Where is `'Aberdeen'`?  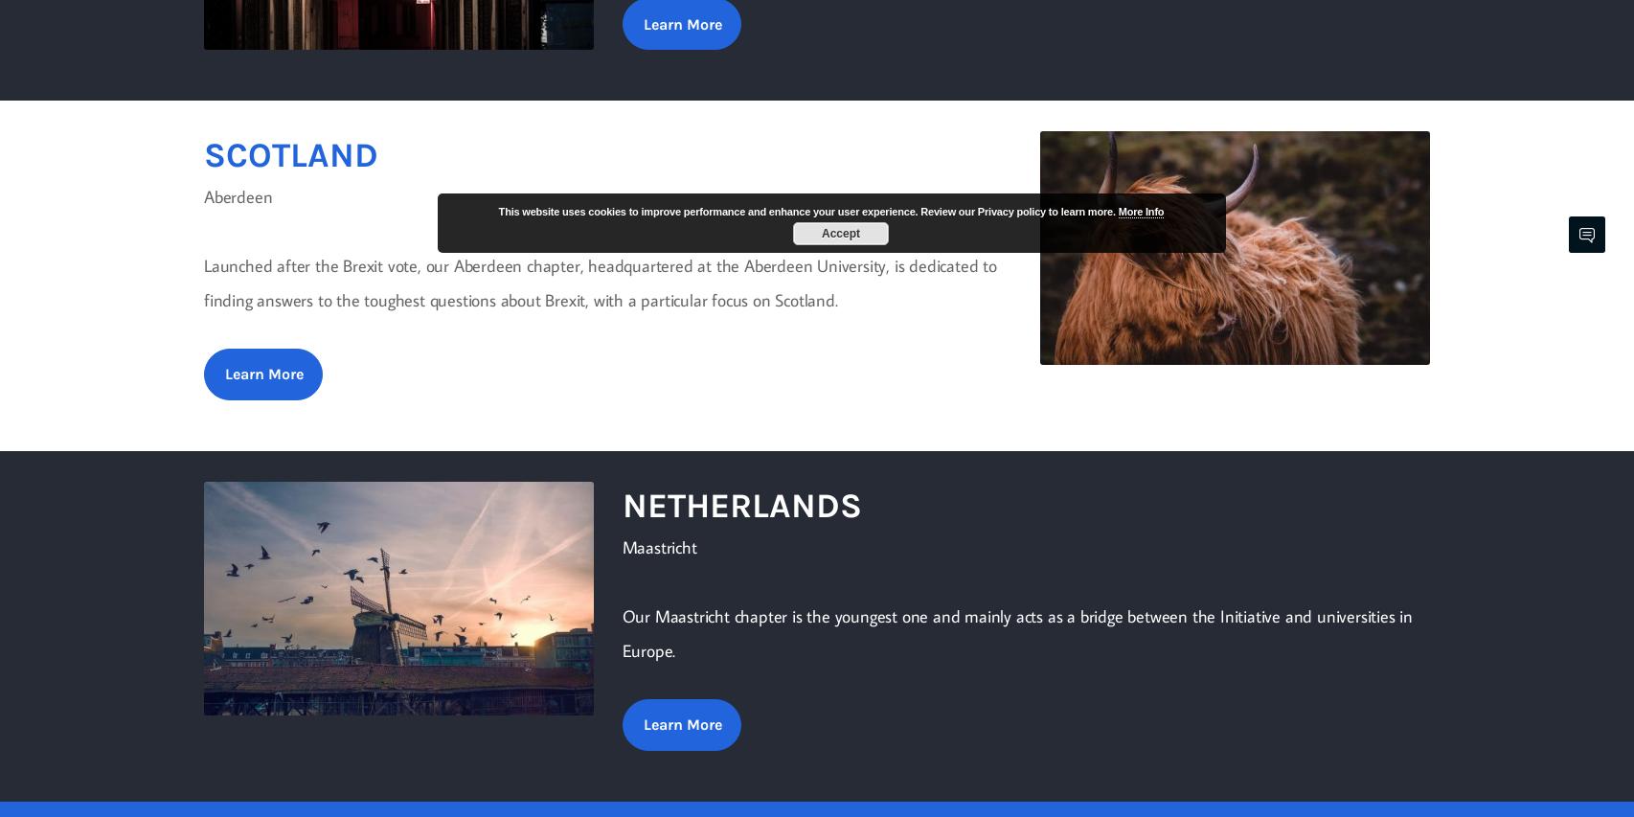
'Aberdeen' is located at coordinates (238, 194).